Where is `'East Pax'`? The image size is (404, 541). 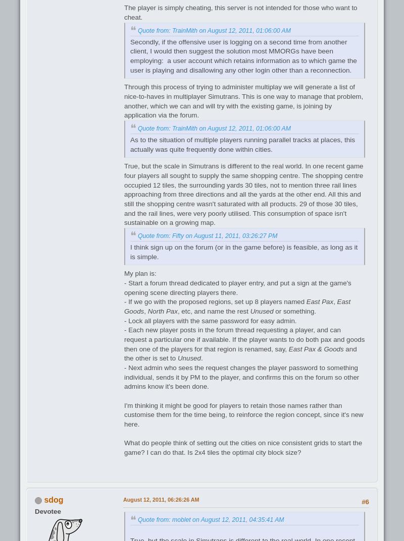 'East Pax' is located at coordinates (320, 301).